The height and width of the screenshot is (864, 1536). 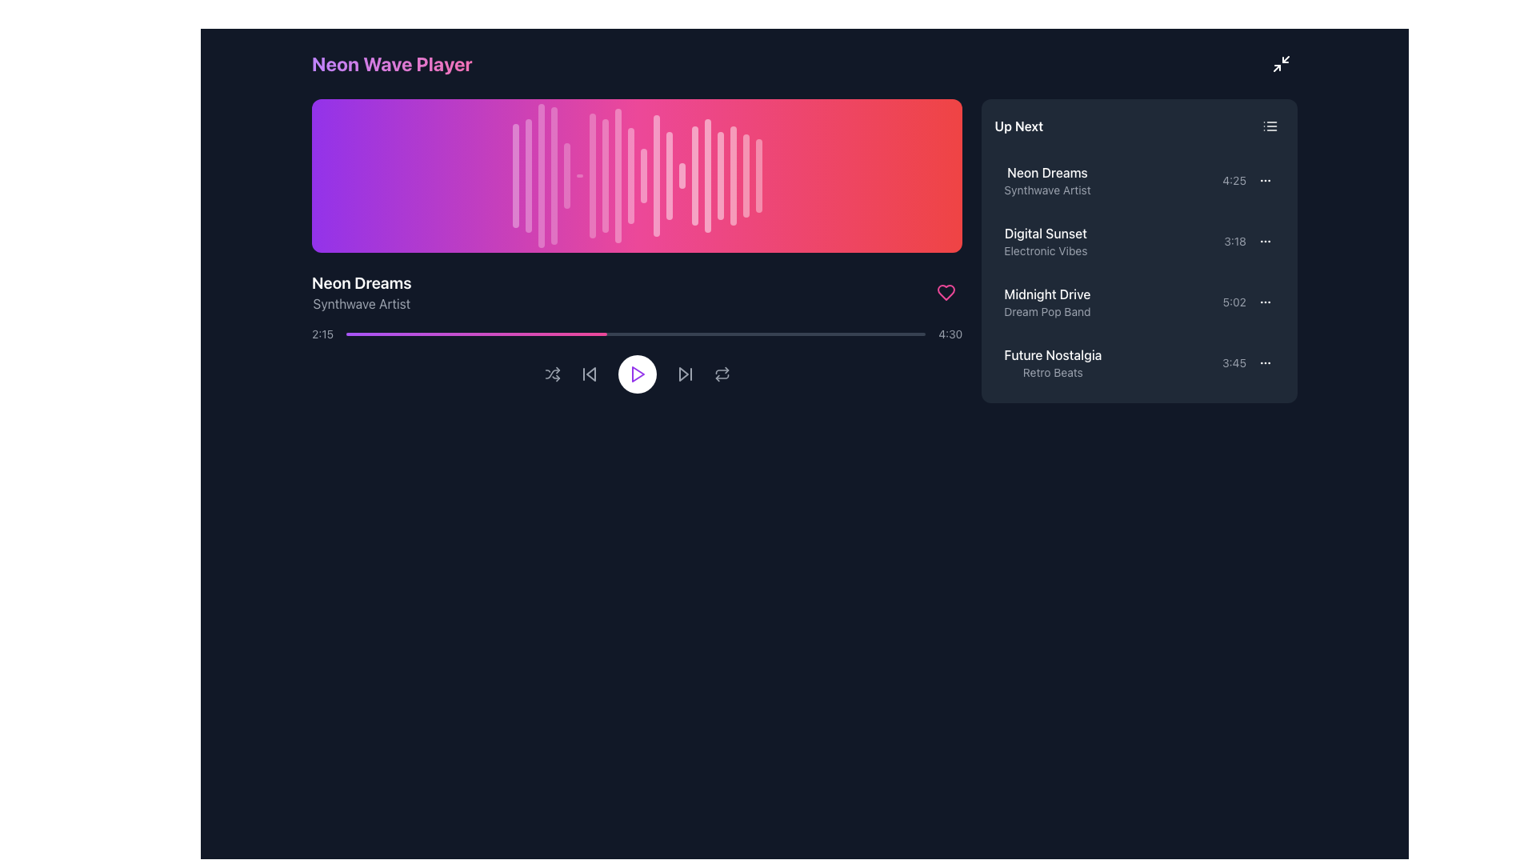 What do you see at coordinates (1047, 190) in the screenshot?
I see `text label that says 'Synthwave Artist', which is styled in gray and positioned under the 'Neon Dreams' title in the 'Up Next' panel` at bounding box center [1047, 190].